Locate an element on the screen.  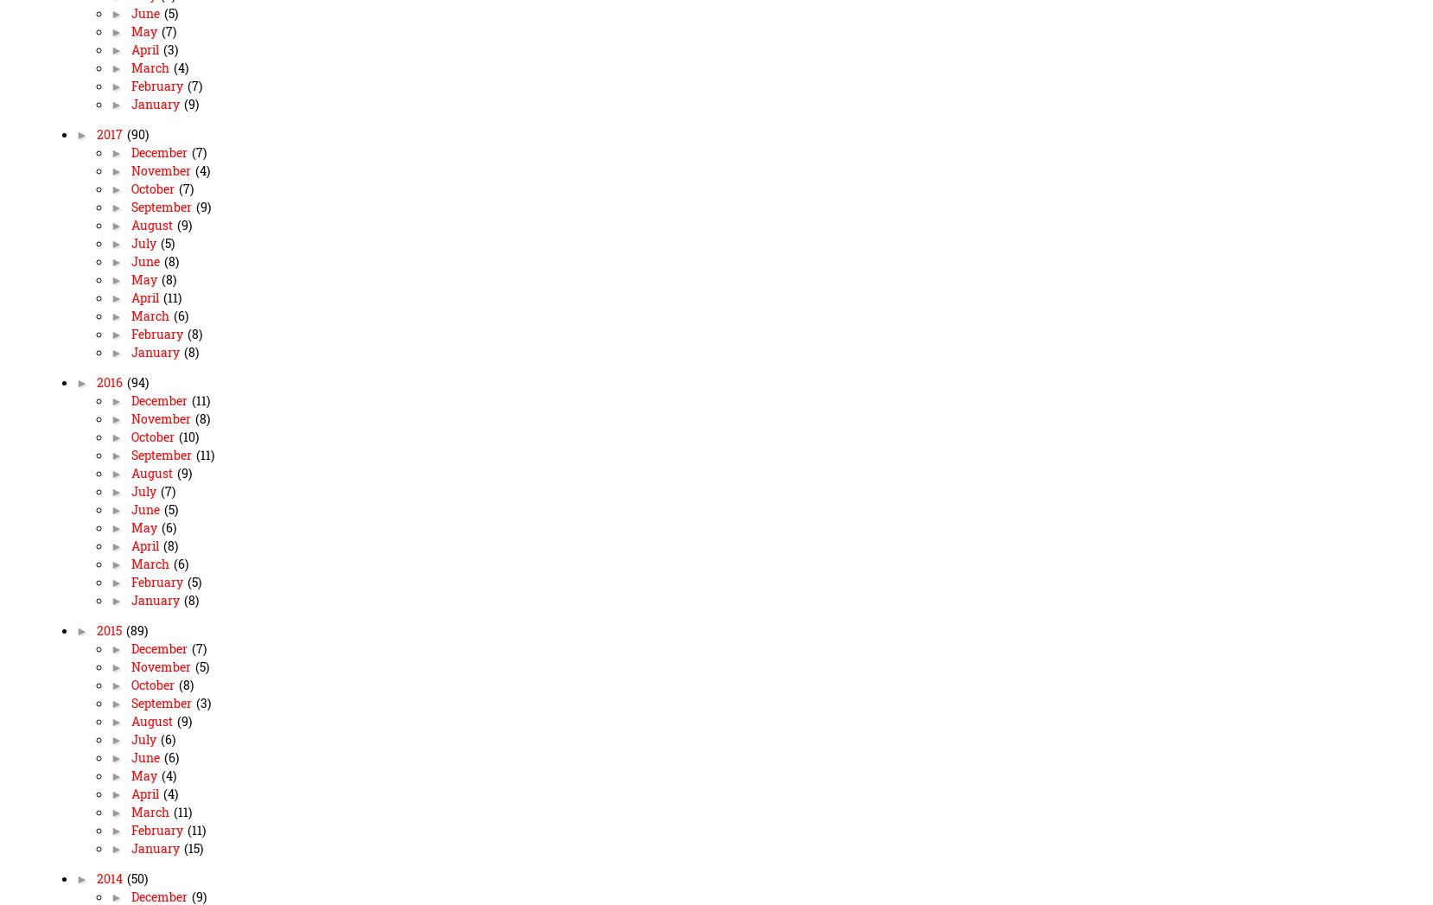
'(15)' is located at coordinates (193, 848).